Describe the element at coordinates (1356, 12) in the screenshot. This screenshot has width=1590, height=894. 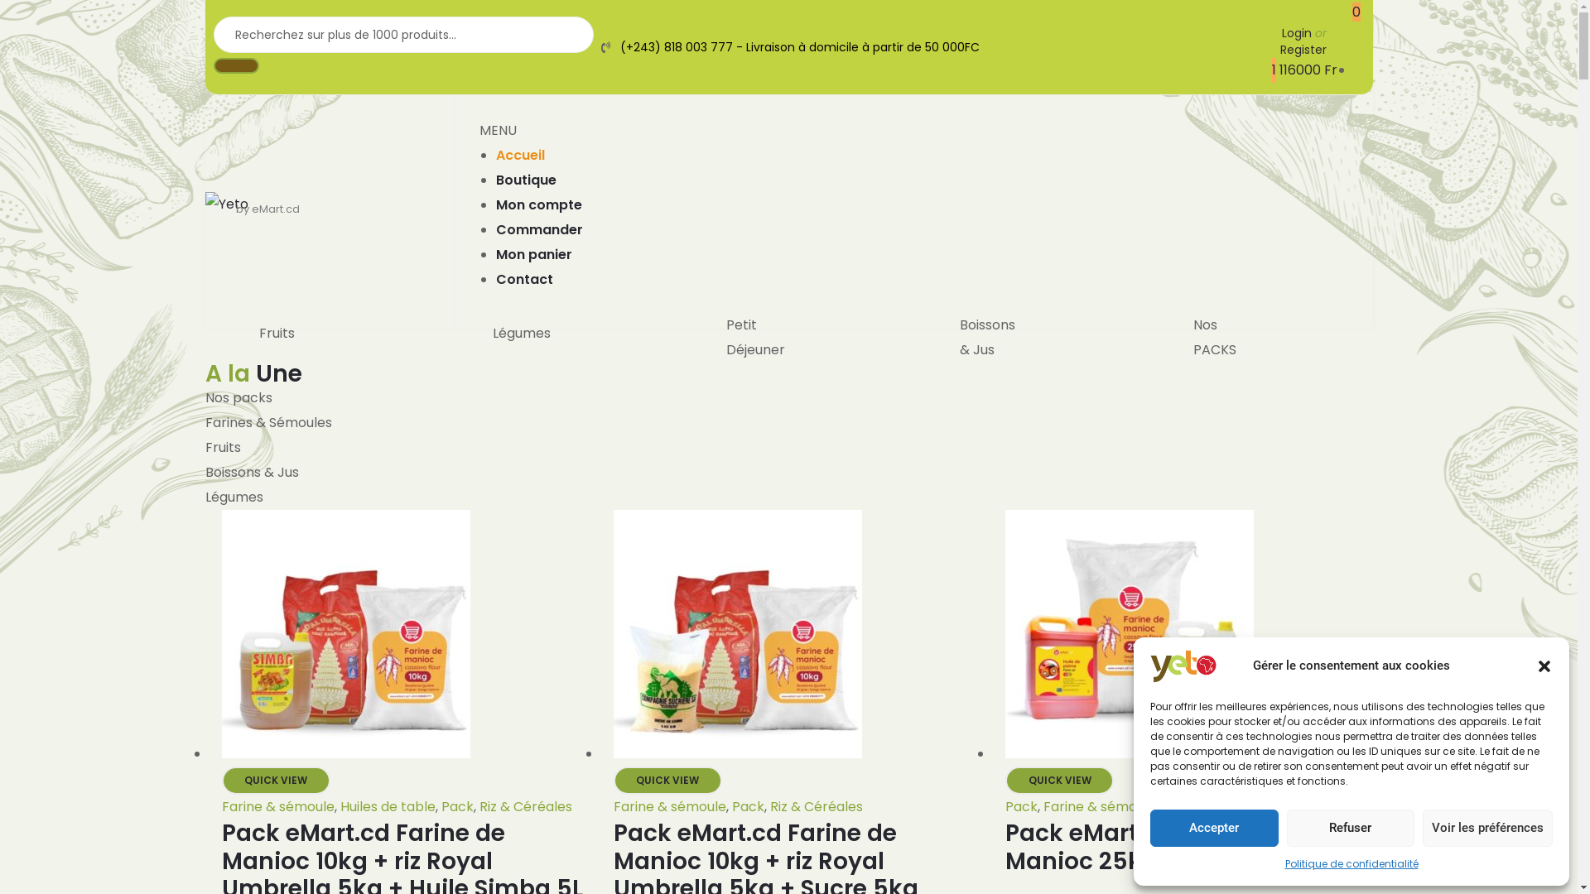
I see `'0'` at that location.